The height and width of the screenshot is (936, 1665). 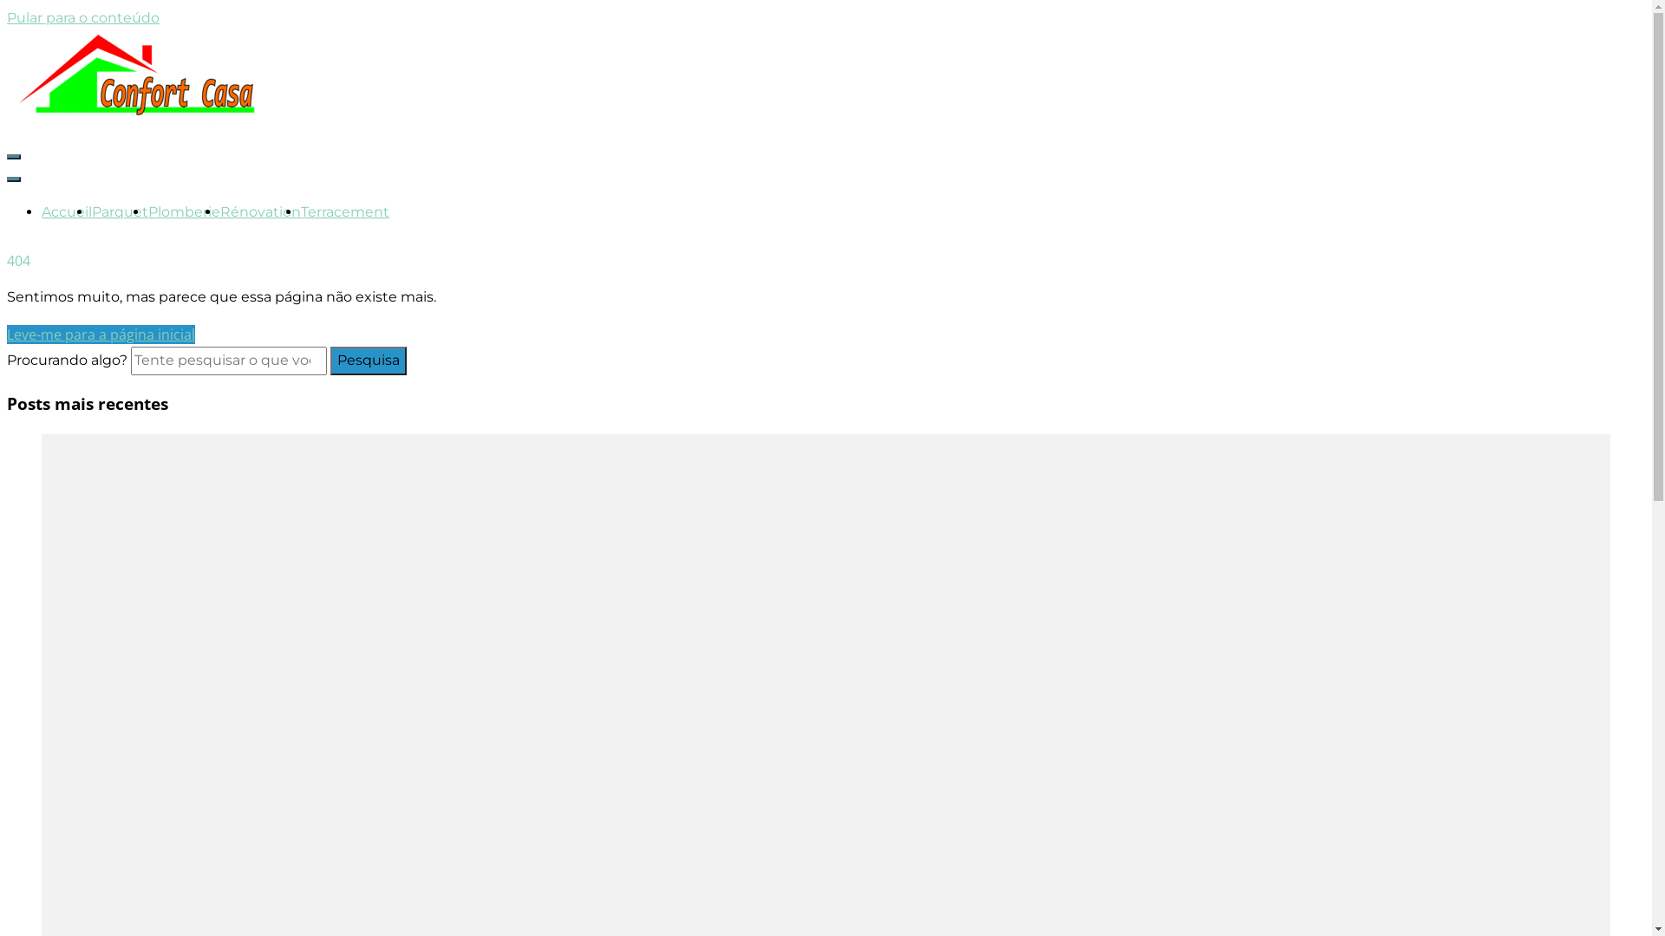 What do you see at coordinates (122, 203) in the screenshot?
I see `'Confort Casa'` at bounding box center [122, 203].